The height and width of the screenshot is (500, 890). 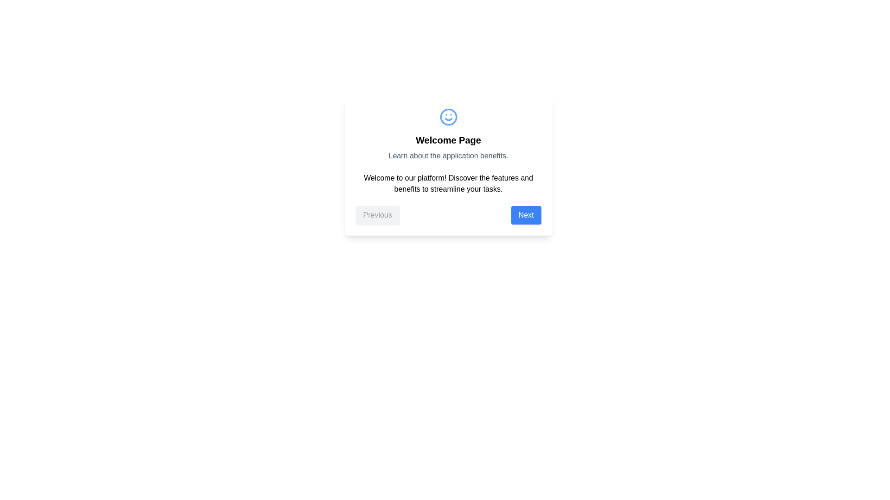 I want to click on 'Next' button to navigate to the next step in the stepper, so click(x=526, y=215).